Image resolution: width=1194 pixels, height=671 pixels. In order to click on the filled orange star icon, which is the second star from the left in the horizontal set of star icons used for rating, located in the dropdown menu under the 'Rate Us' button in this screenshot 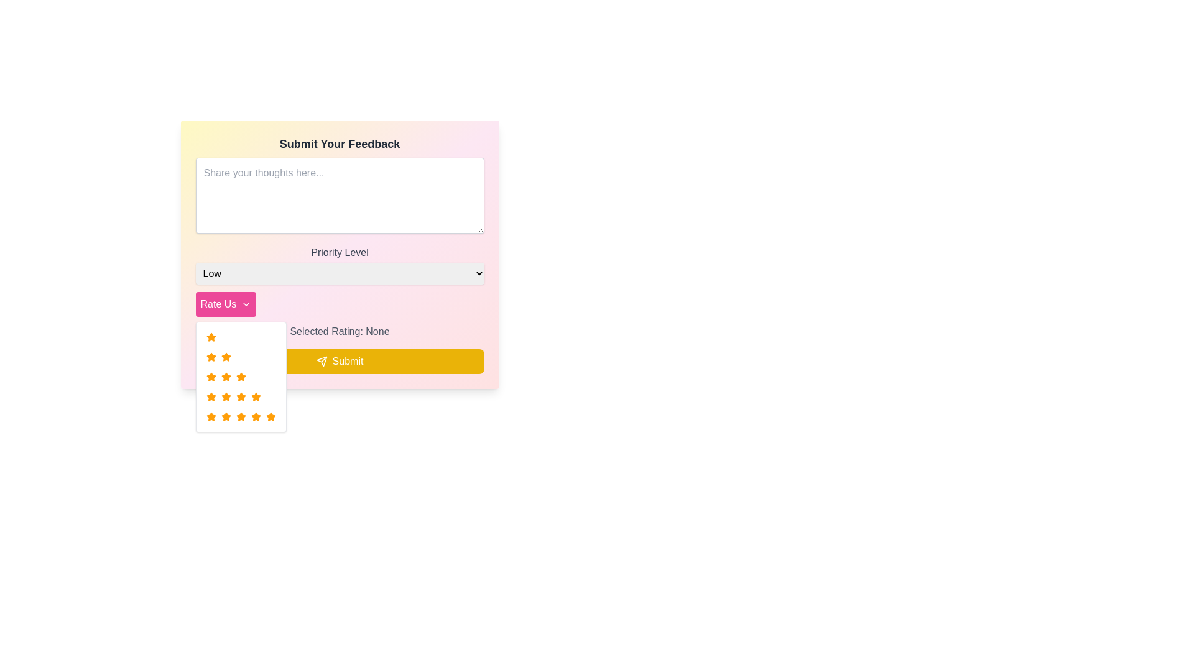, I will do `click(211, 417)`.